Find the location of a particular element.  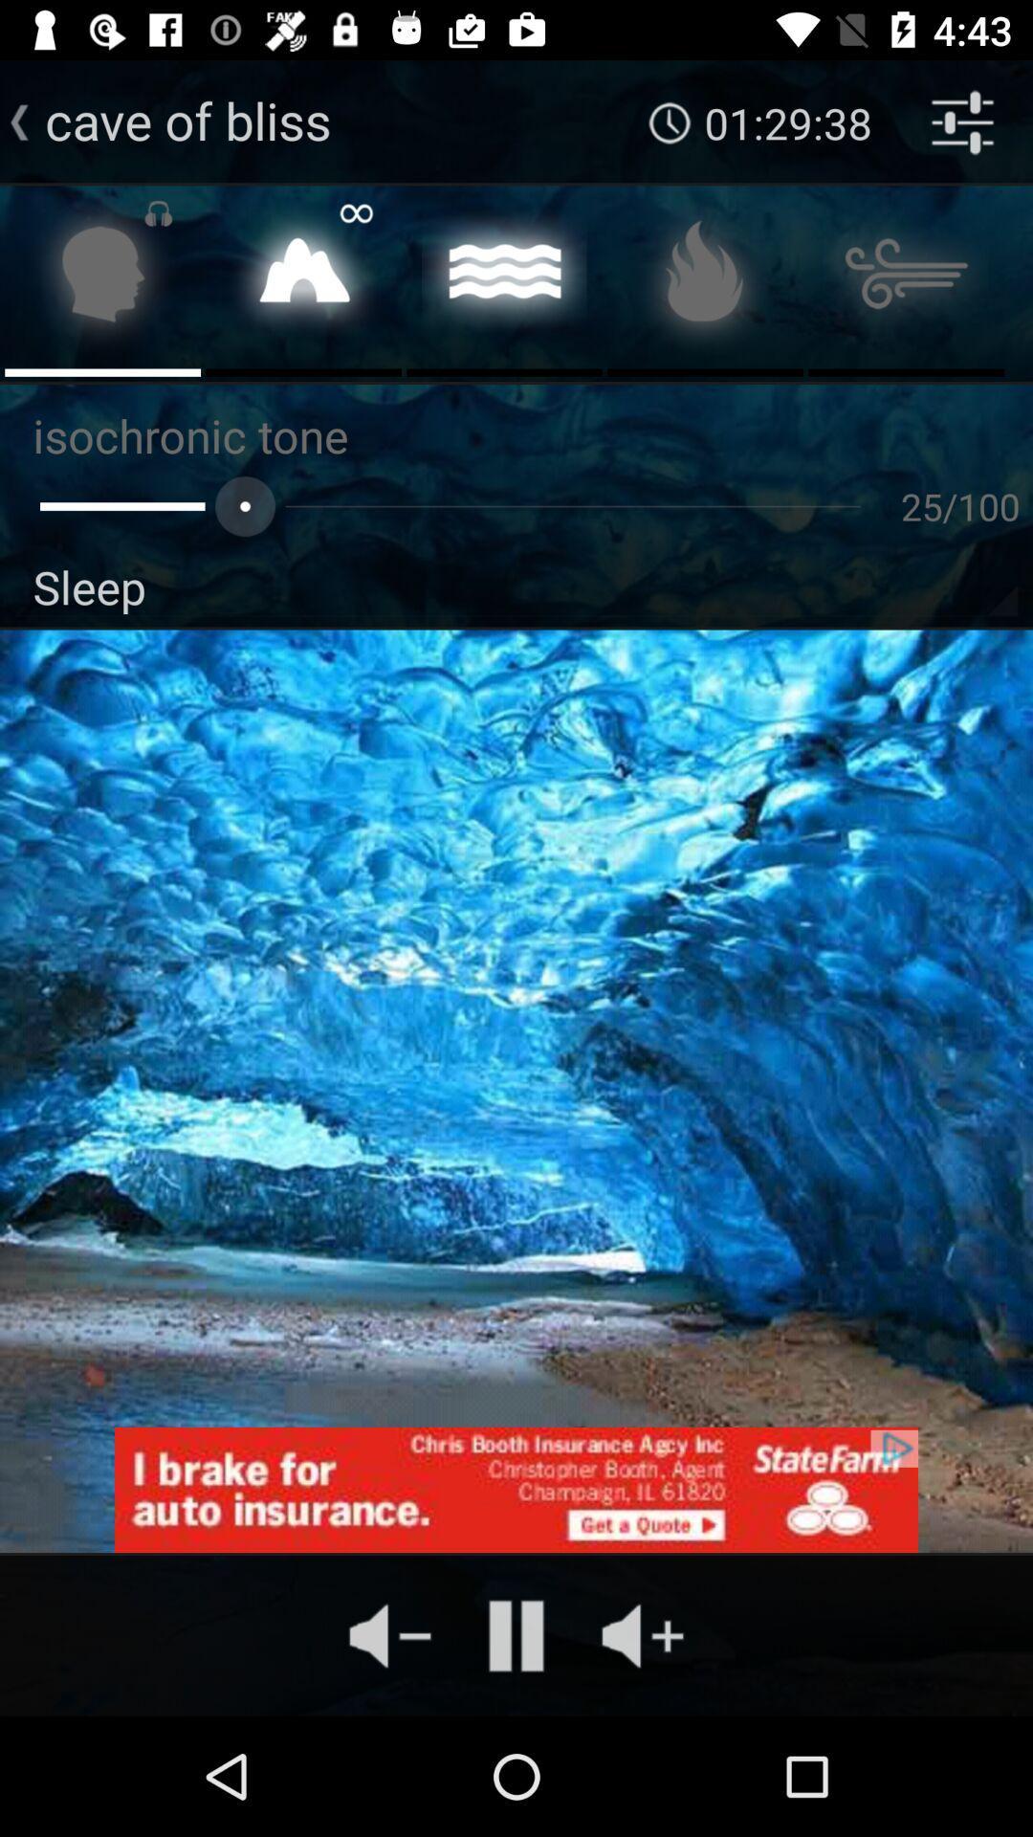

the sliders icon is located at coordinates (962, 122).